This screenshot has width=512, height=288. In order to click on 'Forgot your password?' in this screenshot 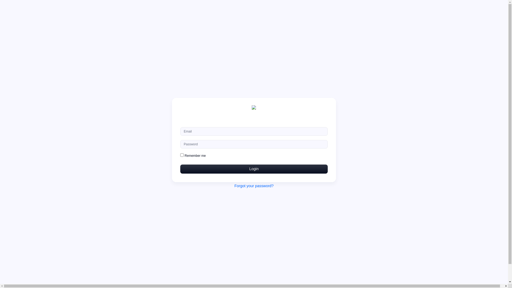, I will do `click(254, 186)`.